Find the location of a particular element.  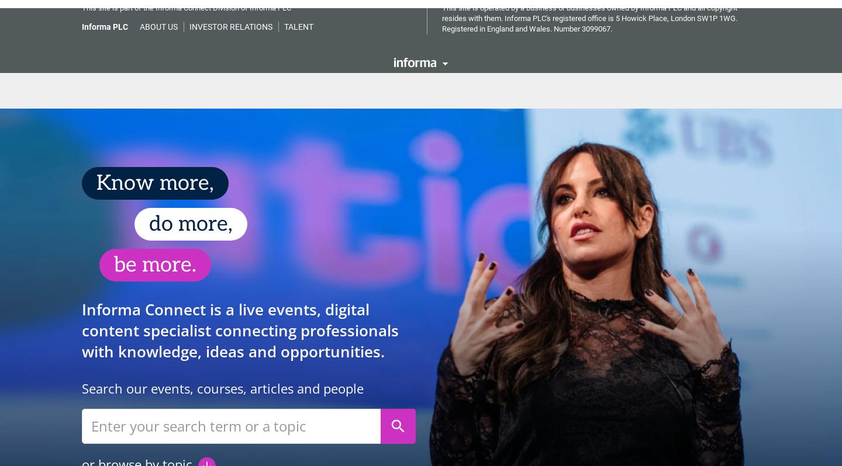

'Sustainability' is located at coordinates (426, 82).